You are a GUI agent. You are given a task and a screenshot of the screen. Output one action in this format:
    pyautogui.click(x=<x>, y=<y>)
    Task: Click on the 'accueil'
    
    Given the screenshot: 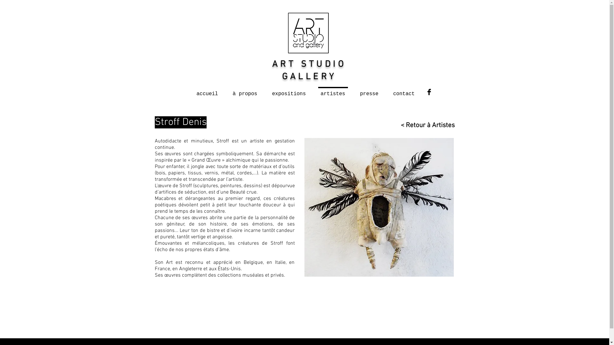 What is the action you would take?
    pyautogui.click(x=207, y=91)
    